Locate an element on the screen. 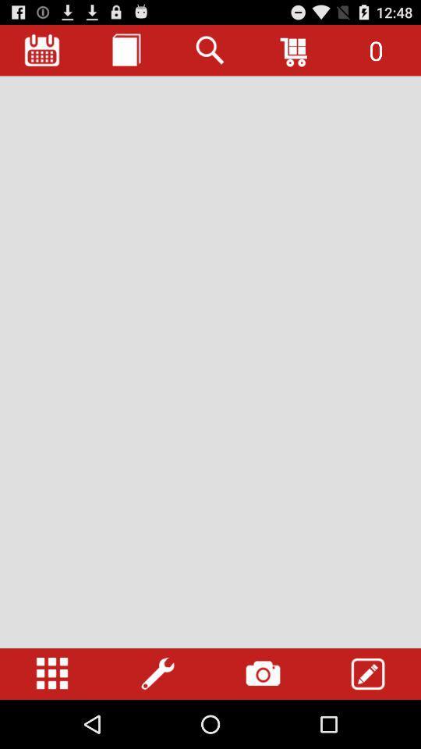 This screenshot has width=421, height=749. access phone 's camera is located at coordinates (263, 673).